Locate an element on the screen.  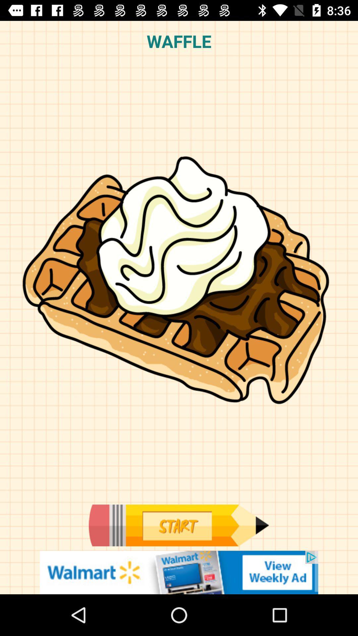
next stage is located at coordinates (178, 525).